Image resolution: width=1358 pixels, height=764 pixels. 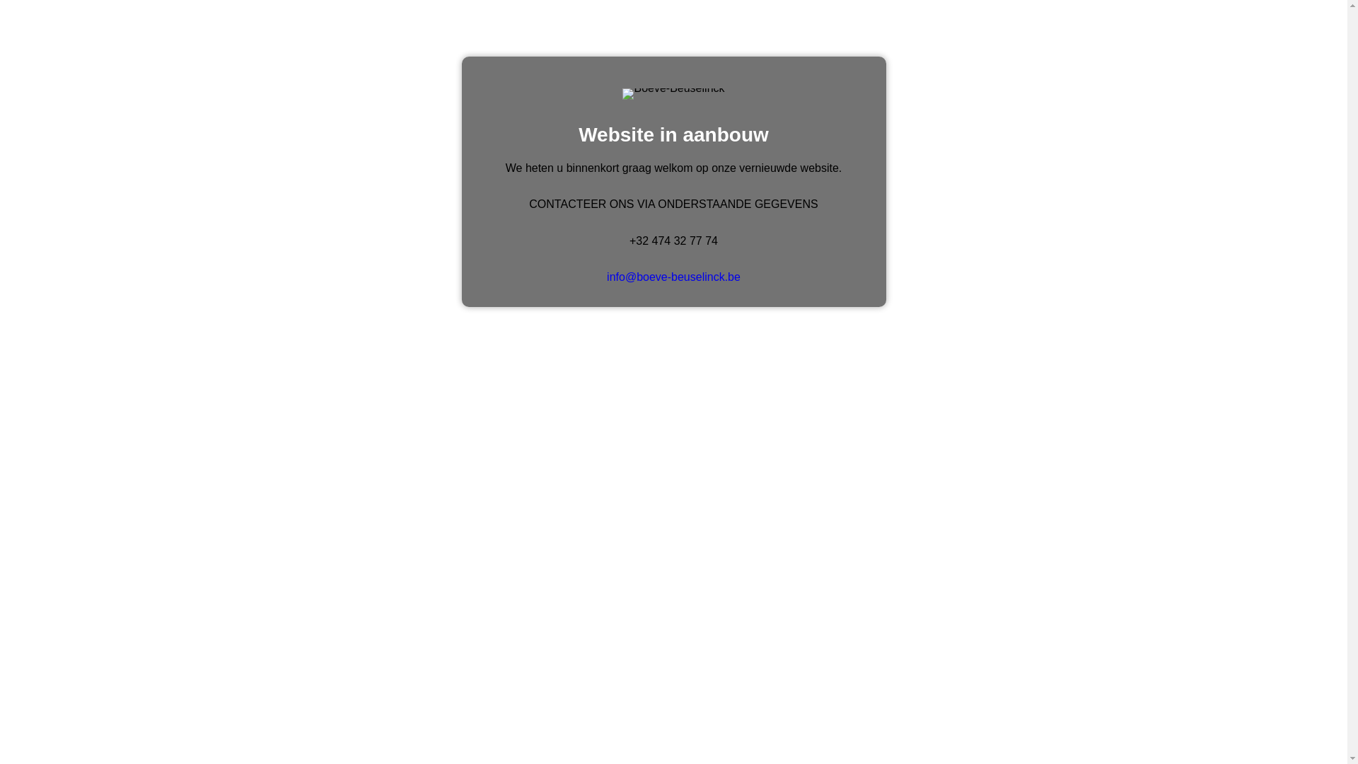 I want to click on 'Boeve-Beuselinck', so click(x=672, y=93).